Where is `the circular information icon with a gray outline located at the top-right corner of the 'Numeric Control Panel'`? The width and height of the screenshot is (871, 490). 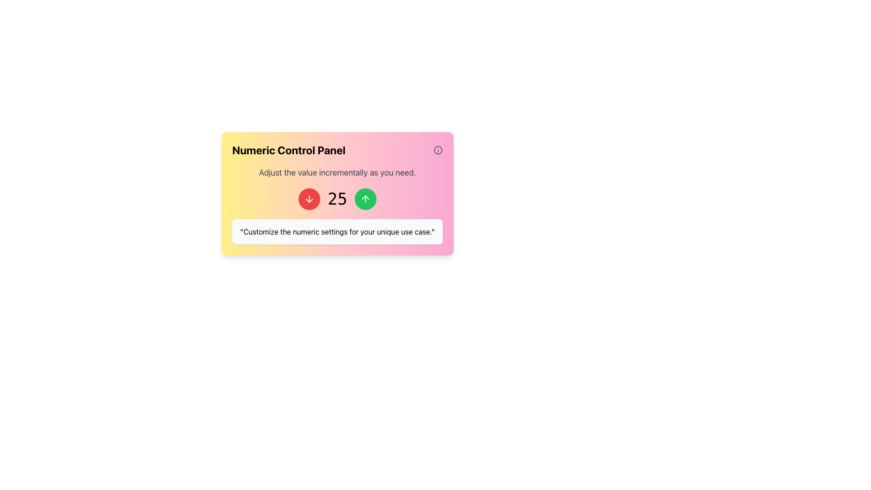 the circular information icon with a gray outline located at the top-right corner of the 'Numeric Control Panel' is located at coordinates (438, 150).